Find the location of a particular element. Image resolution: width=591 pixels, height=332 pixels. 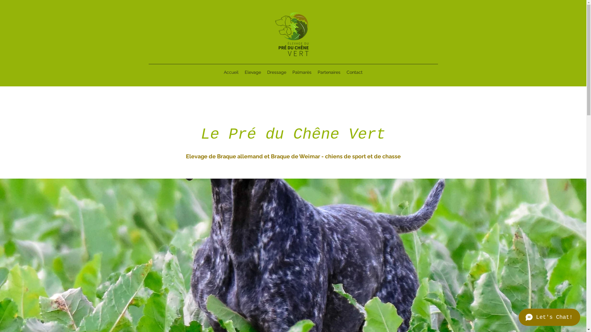

'Dressage' is located at coordinates (276, 72).